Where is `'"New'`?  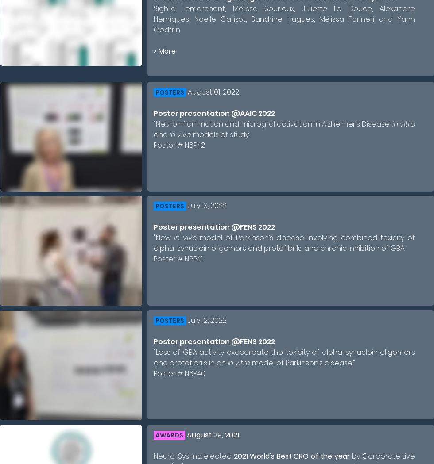 '"New' is located at coordinates (164, 238).